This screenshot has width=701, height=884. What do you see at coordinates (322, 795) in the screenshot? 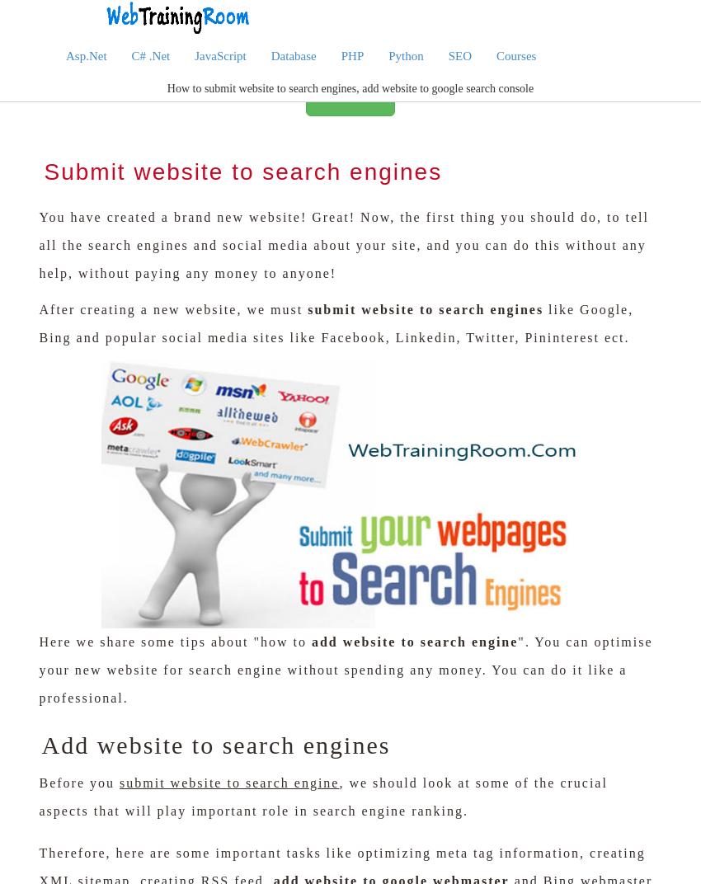
I see `', we should look at some of the crucial aspects that will play important role in search engine ranking.'` at bounding box center [322, 795].